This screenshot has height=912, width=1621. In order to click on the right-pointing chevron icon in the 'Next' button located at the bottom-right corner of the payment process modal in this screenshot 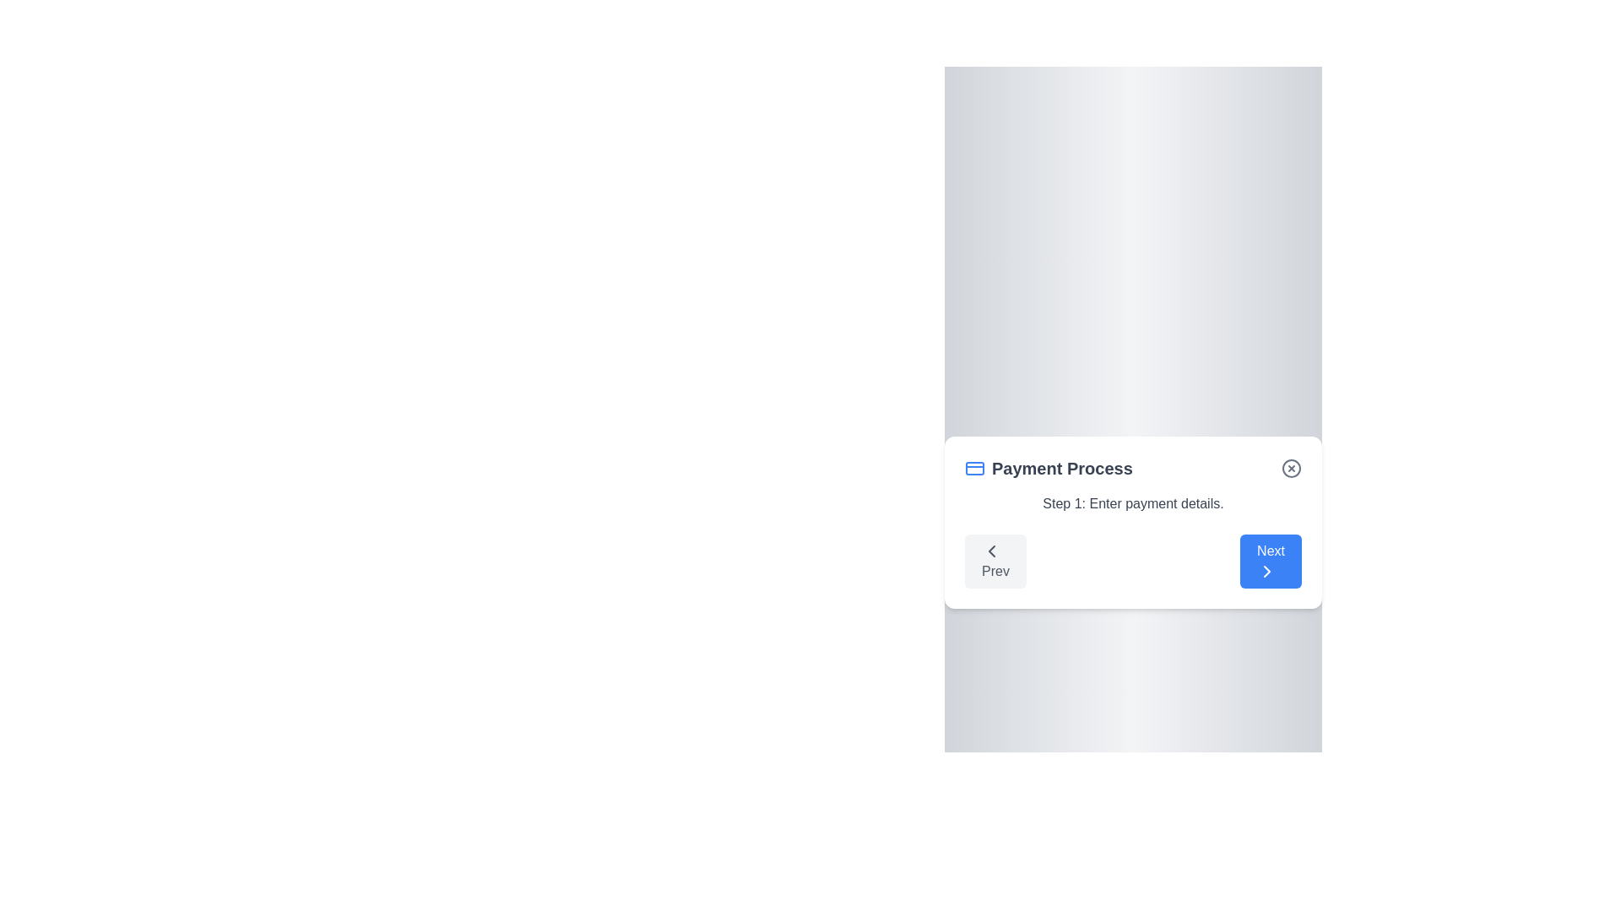, I will do `click(1267, 571)`.